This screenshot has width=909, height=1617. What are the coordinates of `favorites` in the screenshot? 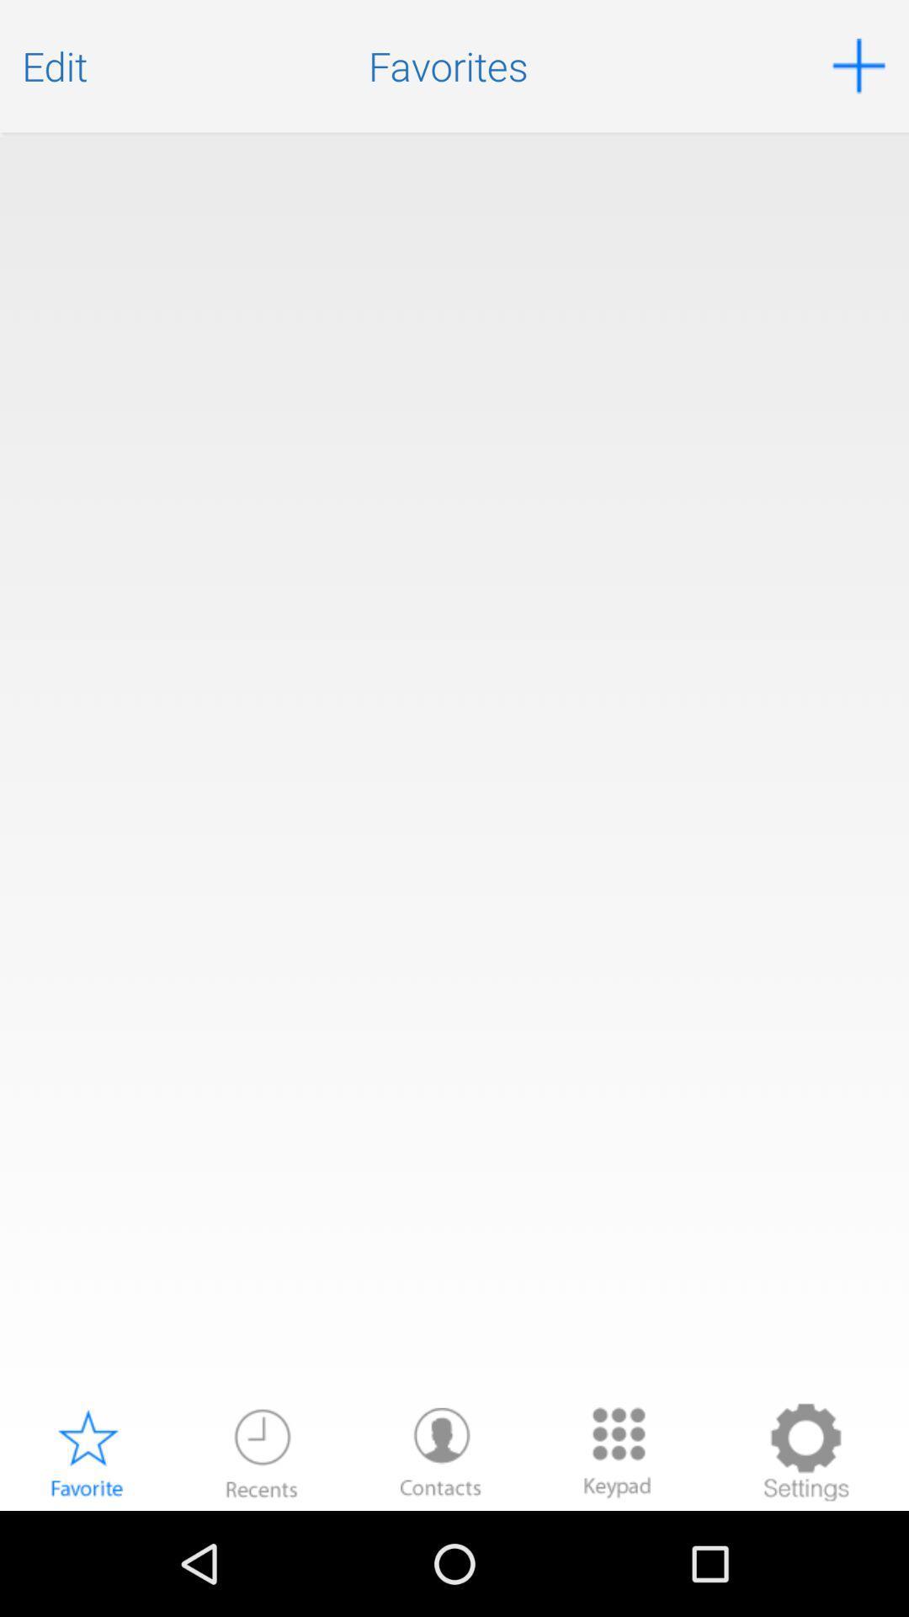 It's located at (87, 1451).